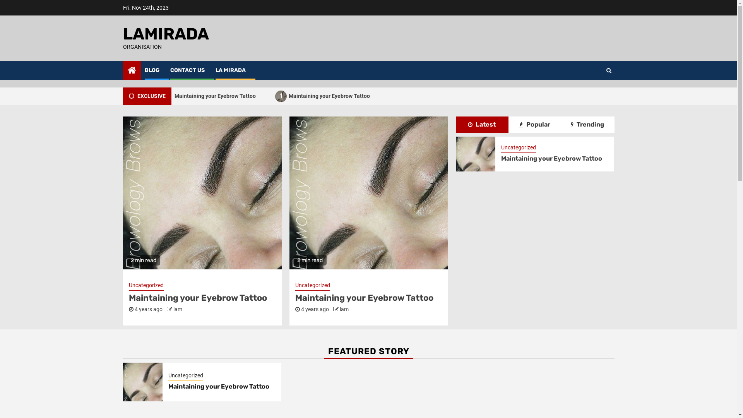 This screenshot has height=418, width=743. What do you see at coordinates (187, 70) in the screenshot?
I see `'CONTACT US'` at bounding box center [187, 70].